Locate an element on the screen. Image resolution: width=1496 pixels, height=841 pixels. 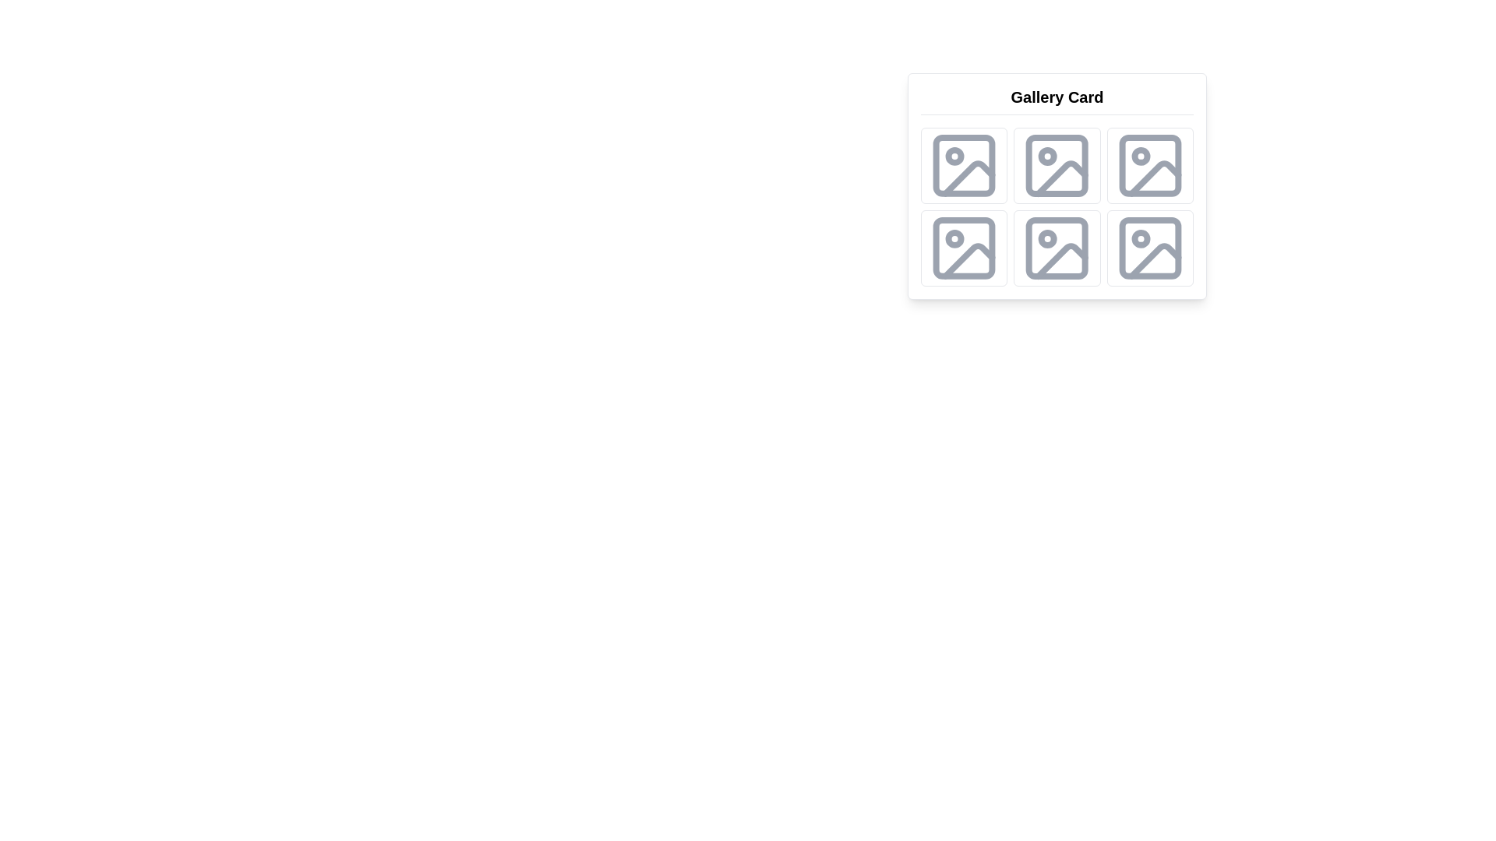
the second card in the first row of the 'Gallery Card' grid is located at coordinates (1057, 165).